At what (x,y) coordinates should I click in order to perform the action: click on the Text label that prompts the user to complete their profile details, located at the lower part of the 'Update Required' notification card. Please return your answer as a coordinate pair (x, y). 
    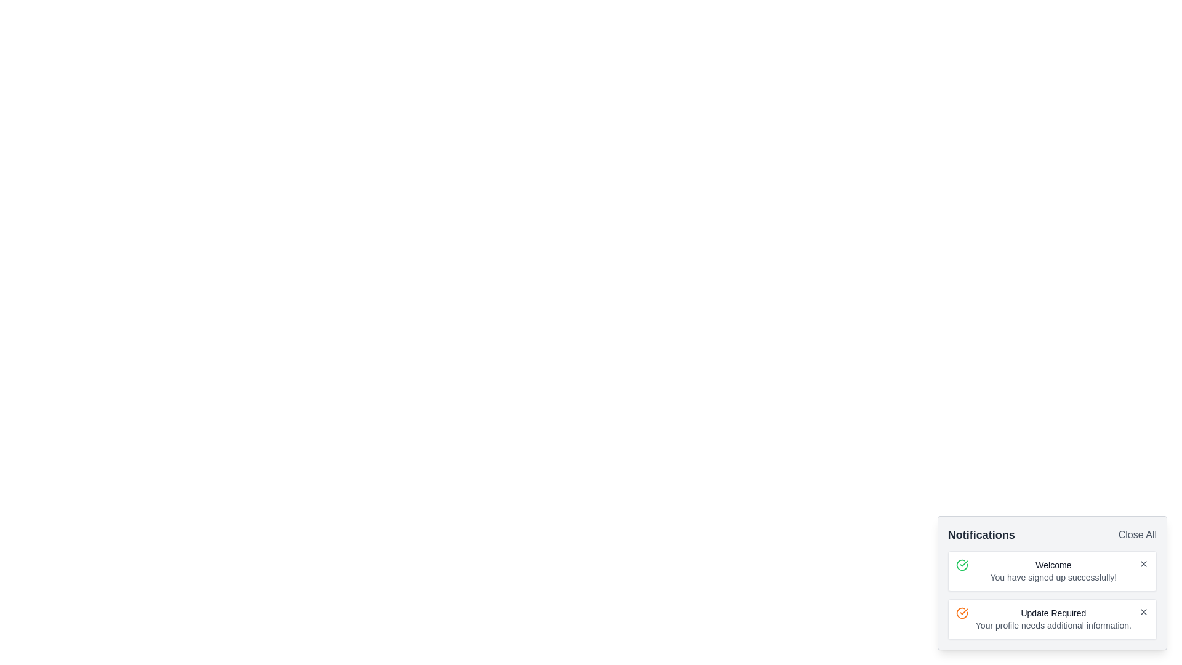
    Looking at the image, I should click on (1053, 625).